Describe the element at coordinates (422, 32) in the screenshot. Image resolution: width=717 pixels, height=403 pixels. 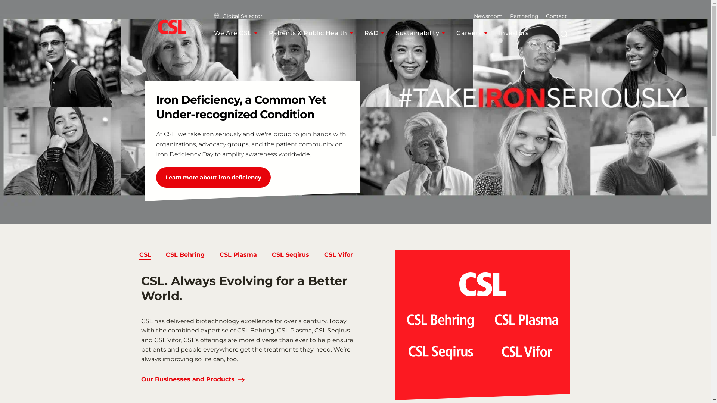
I see `'Sustainability'` at that location.